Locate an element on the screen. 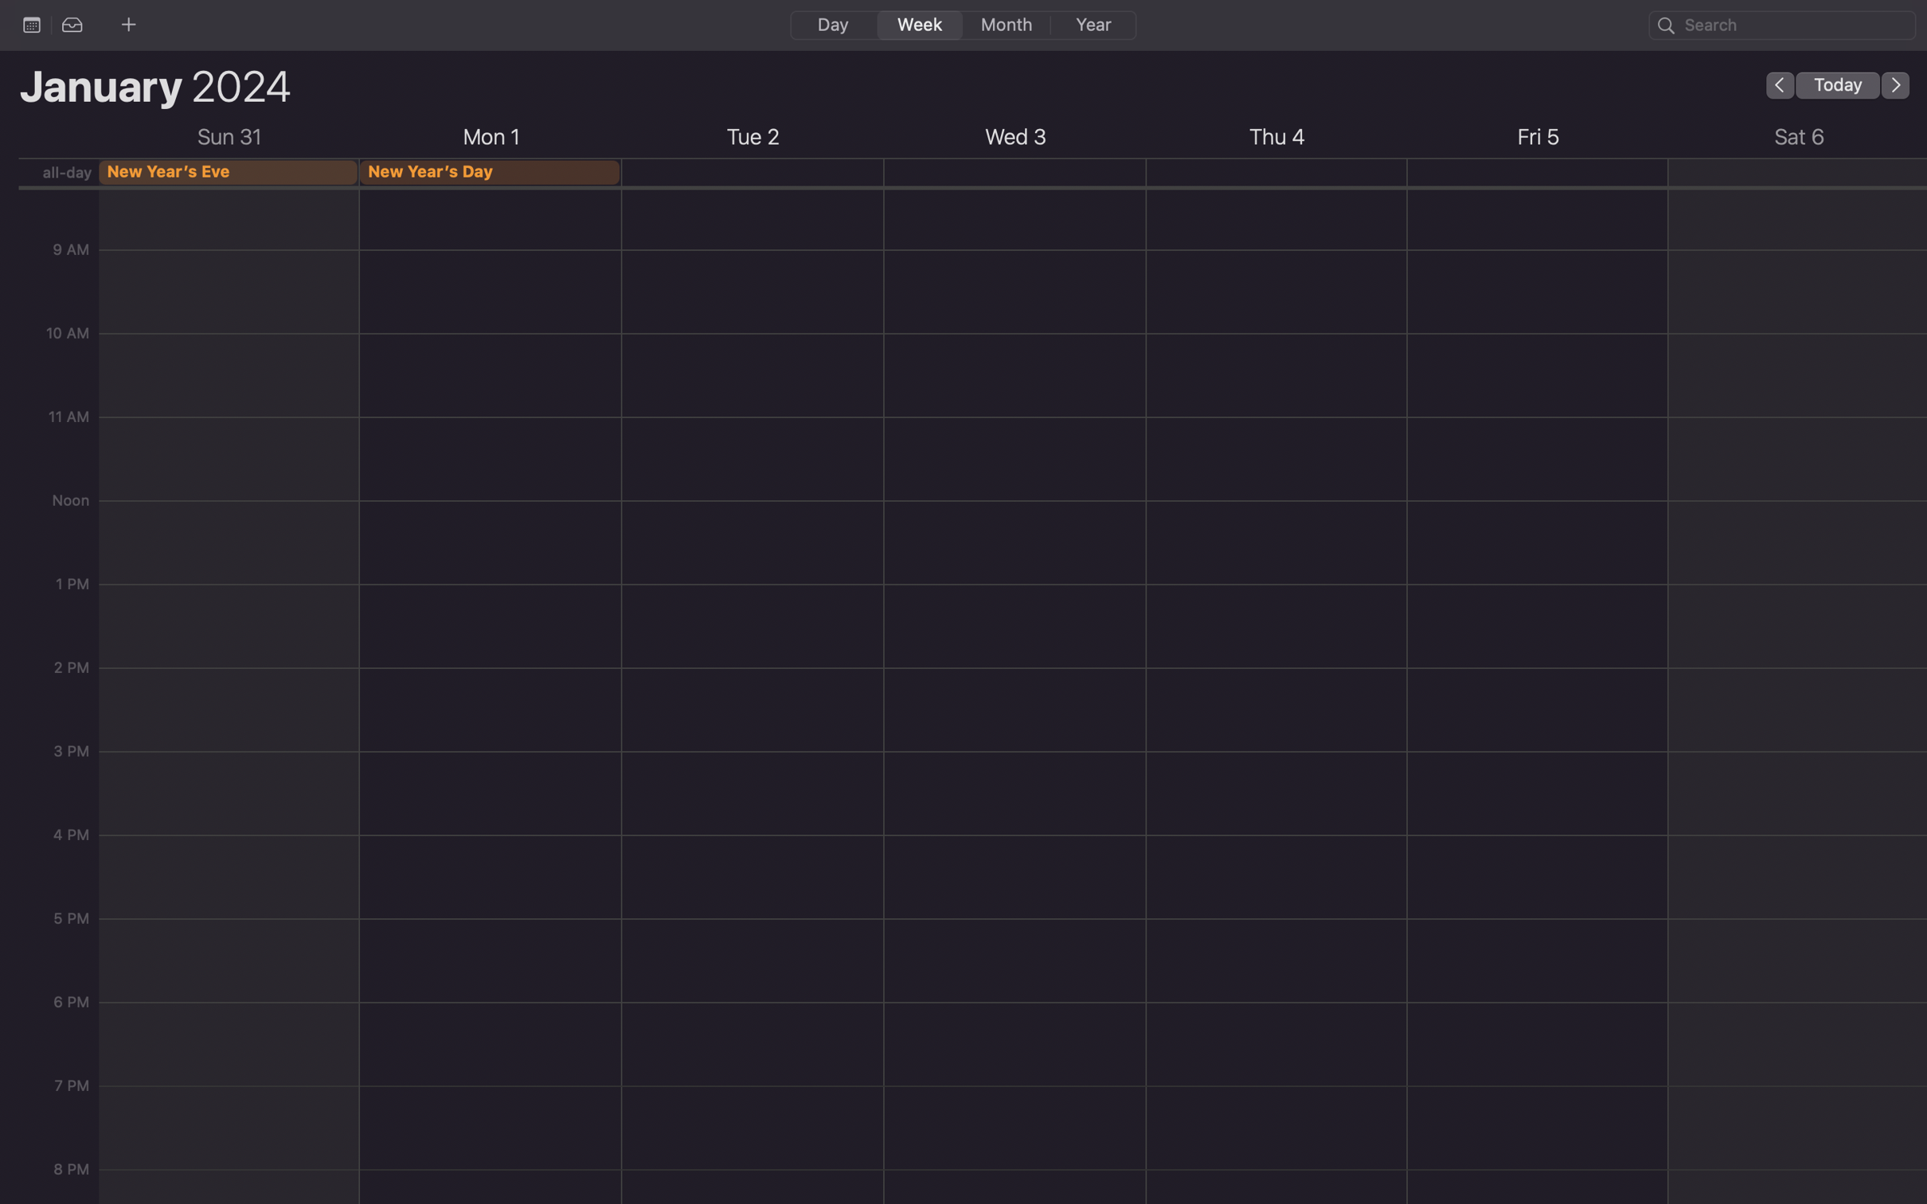 Image resolution: width=1927 pixels, height=1204 pixels. up a reminder for 9 am on January 1st is located at coordinates (491, 264).